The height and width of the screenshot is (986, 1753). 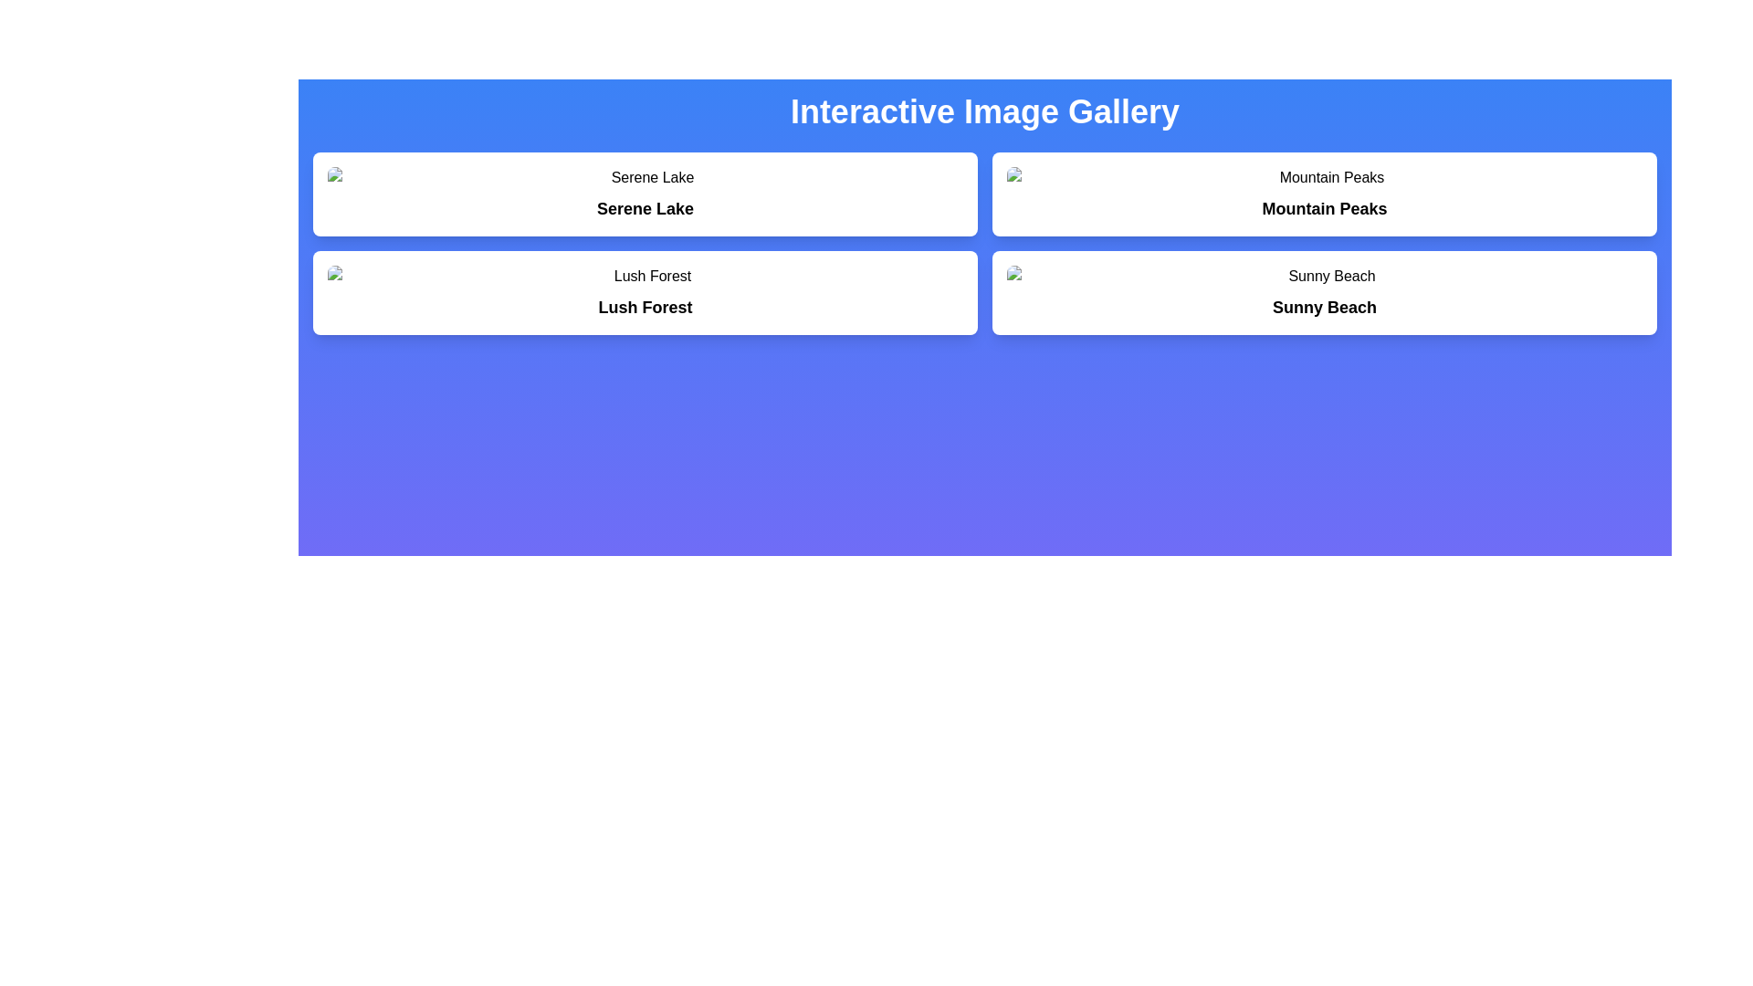 What do you see at coordinates (1324, 194) in the screenshot?
I see `the 'Mountain Peaks' card in the image gallery to interact or view details` at bounding box center [1324, 194].